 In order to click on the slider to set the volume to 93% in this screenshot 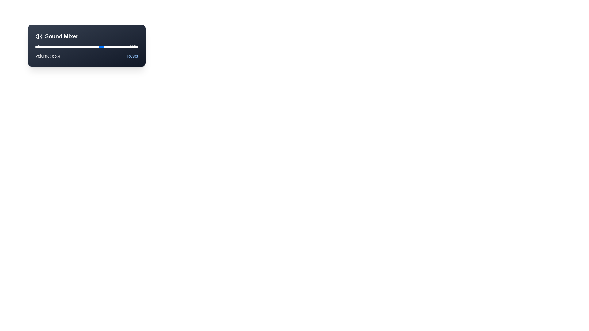, I will do `click(131, 47)`.